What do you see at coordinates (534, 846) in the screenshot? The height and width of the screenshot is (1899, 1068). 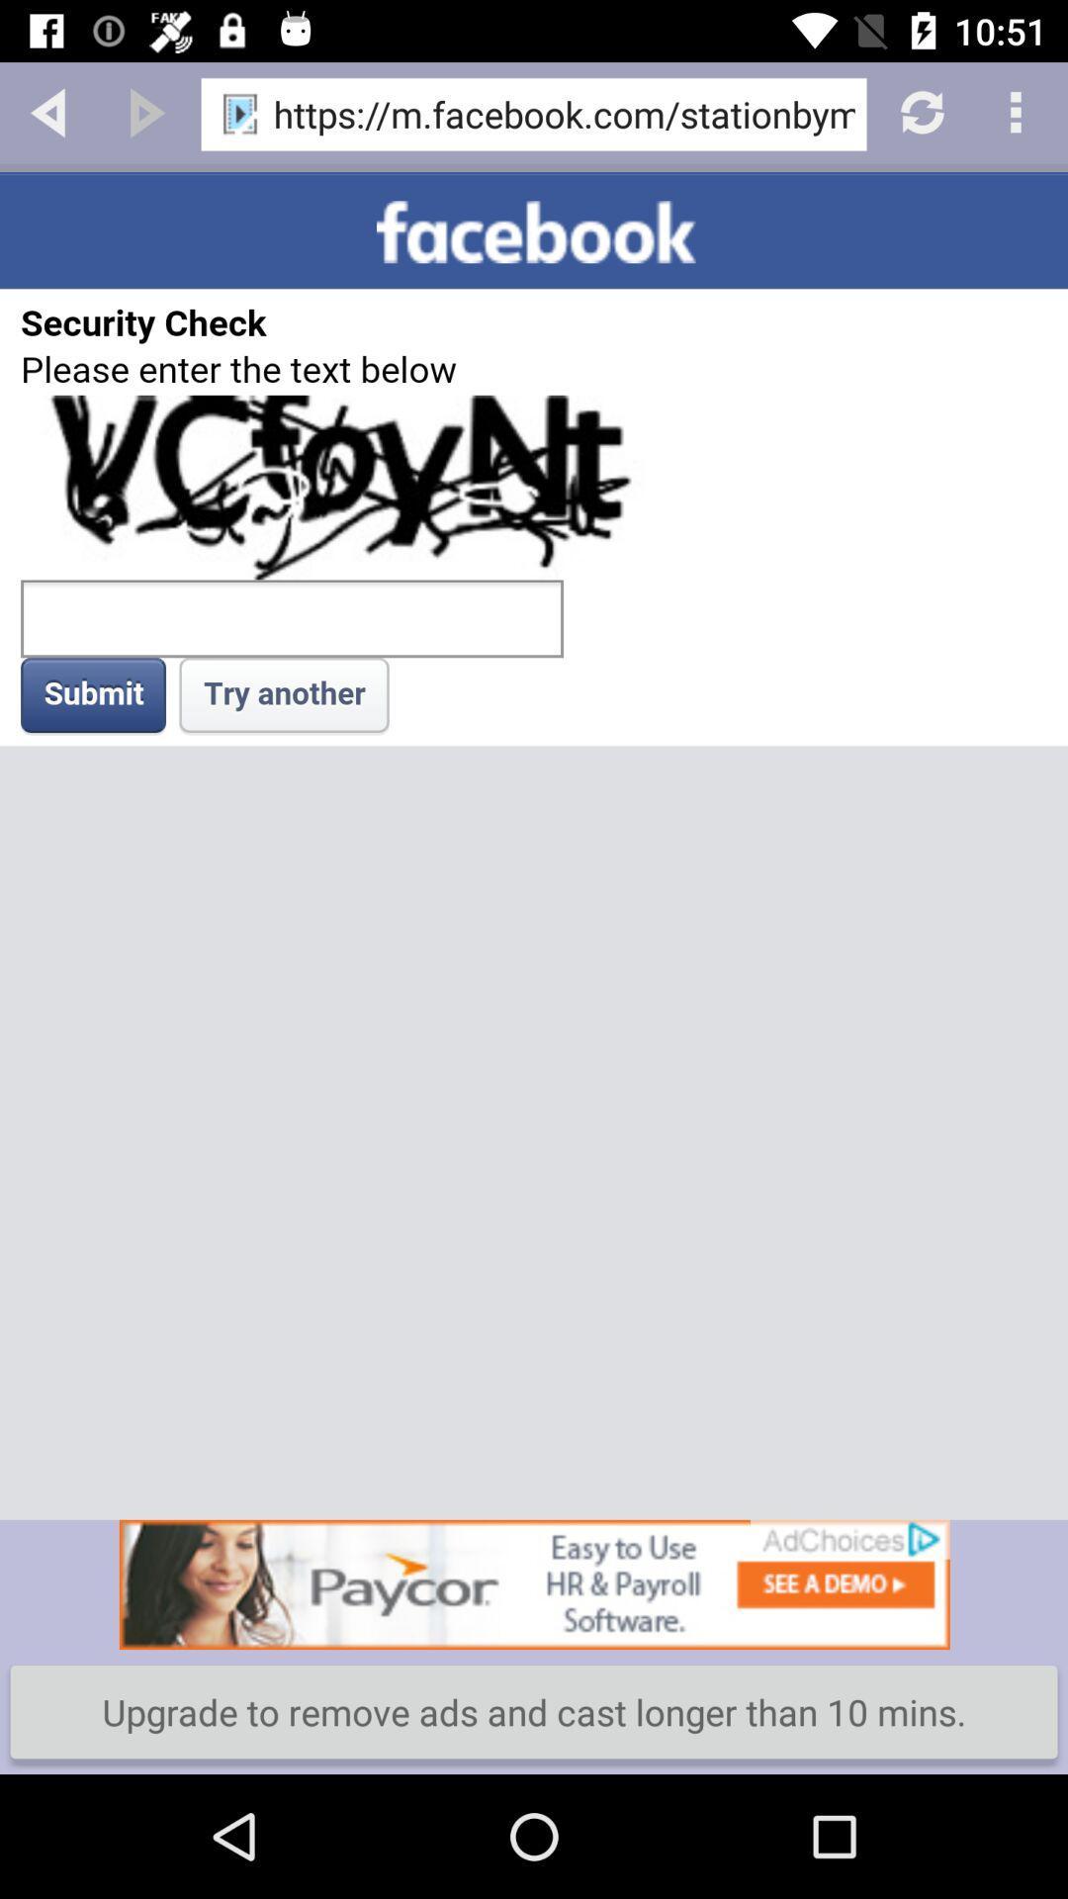 I see `input captcha` at bounding box center [534, 846].